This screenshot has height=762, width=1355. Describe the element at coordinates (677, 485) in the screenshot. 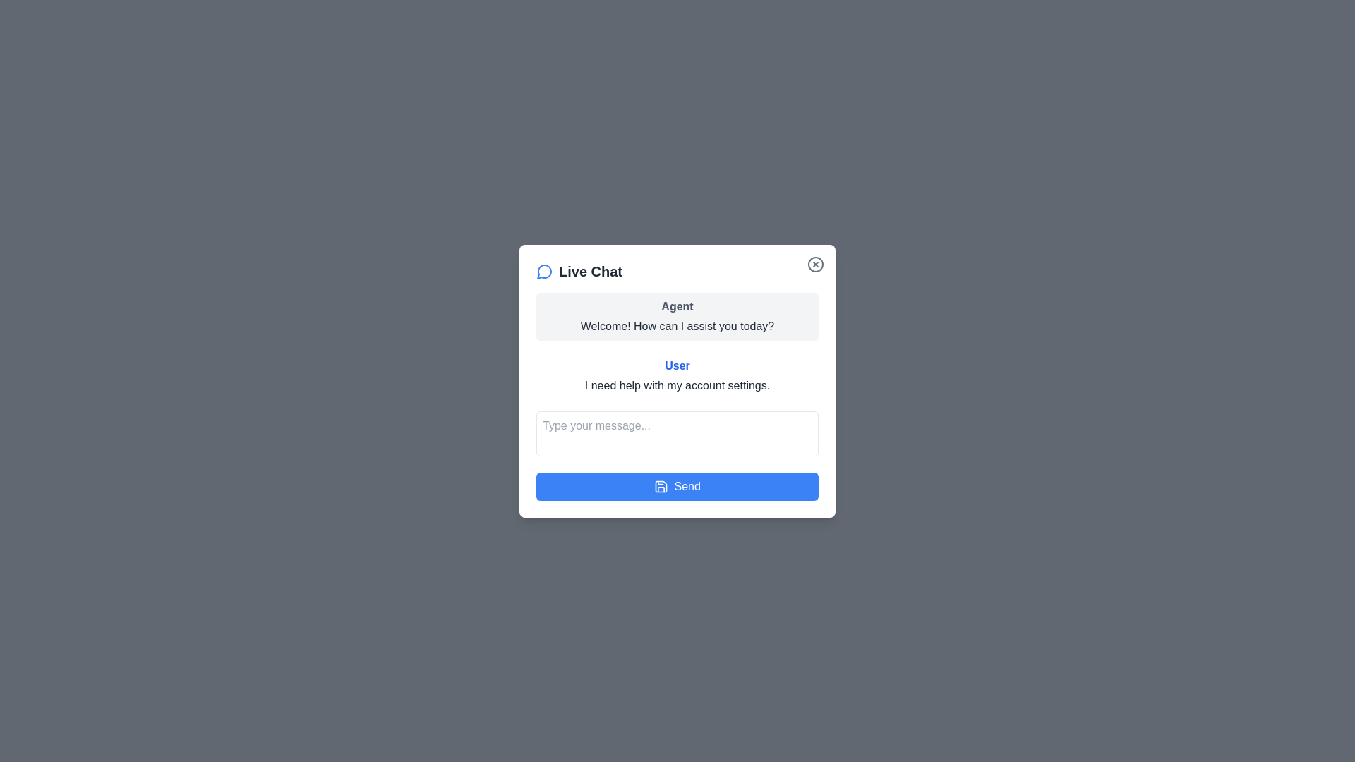

I see `'Send' button to send the typed message` at that location.